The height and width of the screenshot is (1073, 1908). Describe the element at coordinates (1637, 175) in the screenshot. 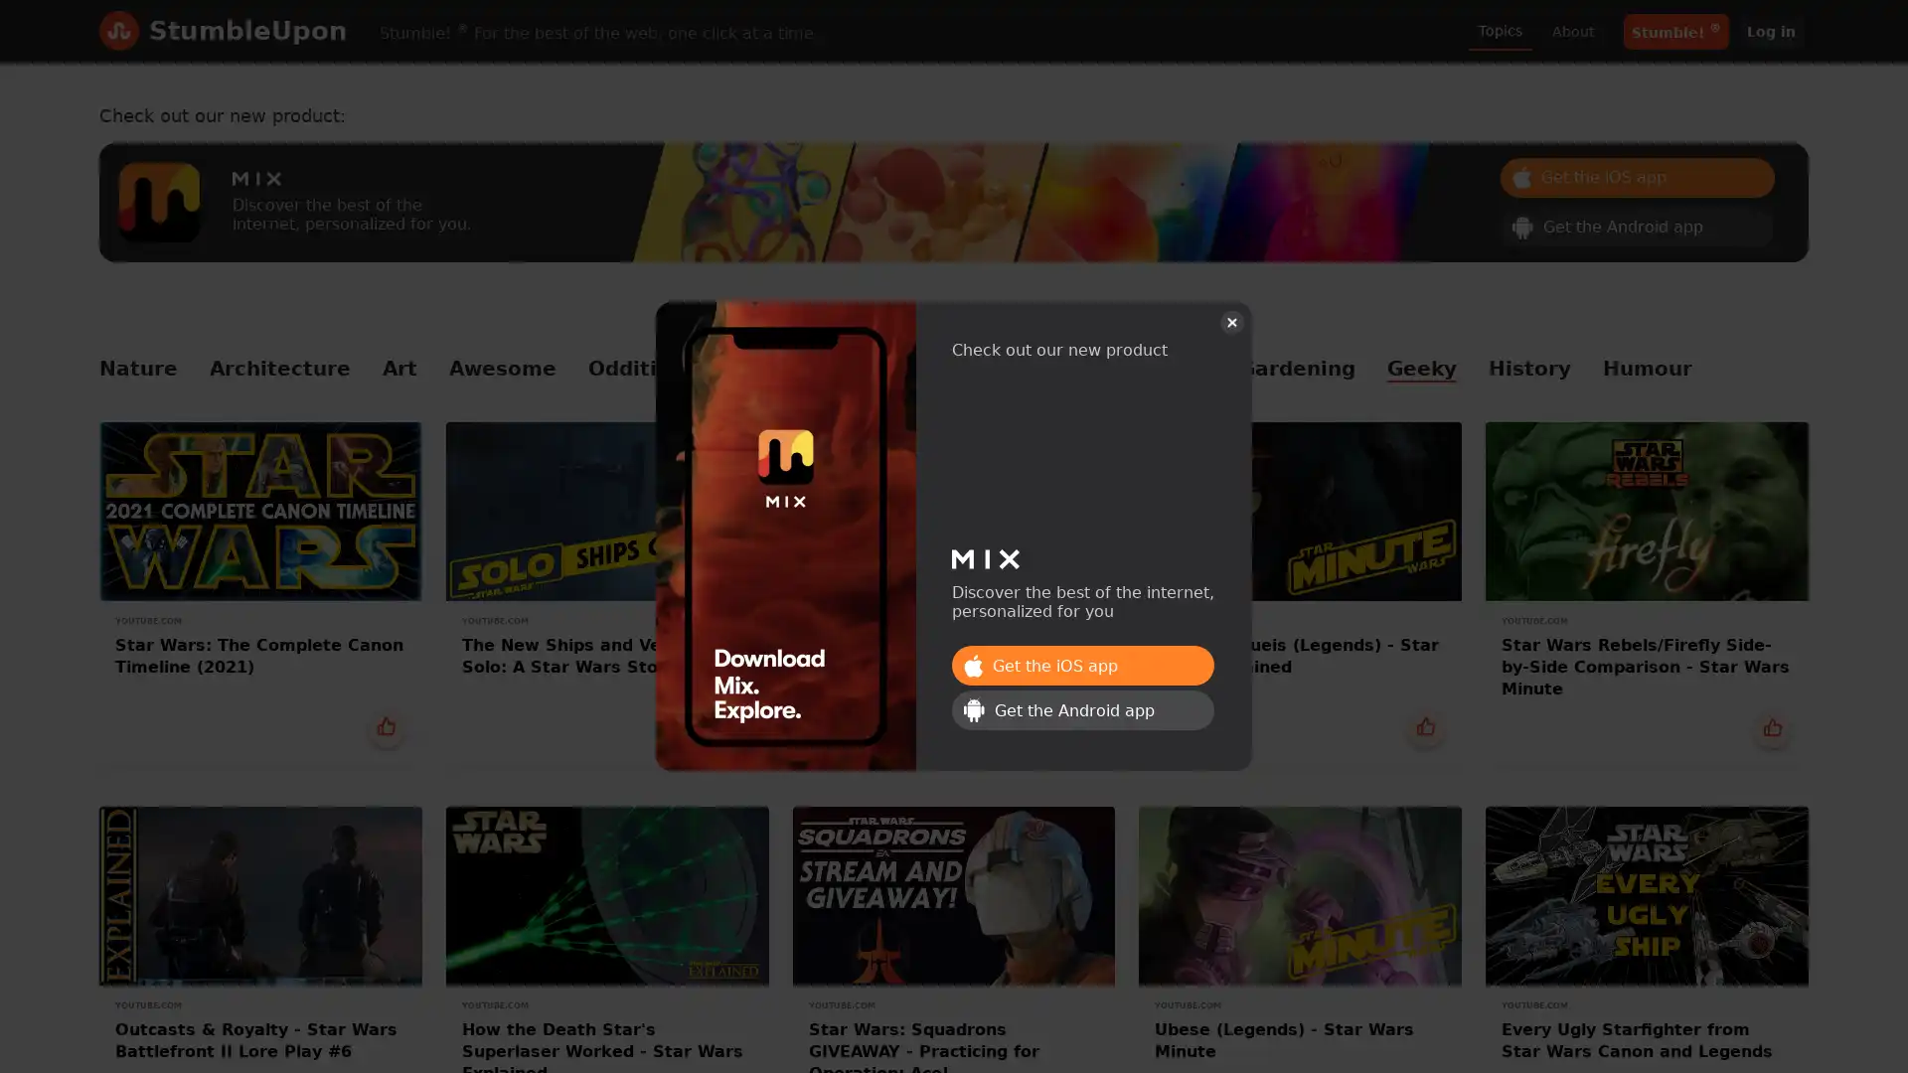

I see `Header Image 1 Get the iOS app` at that location.